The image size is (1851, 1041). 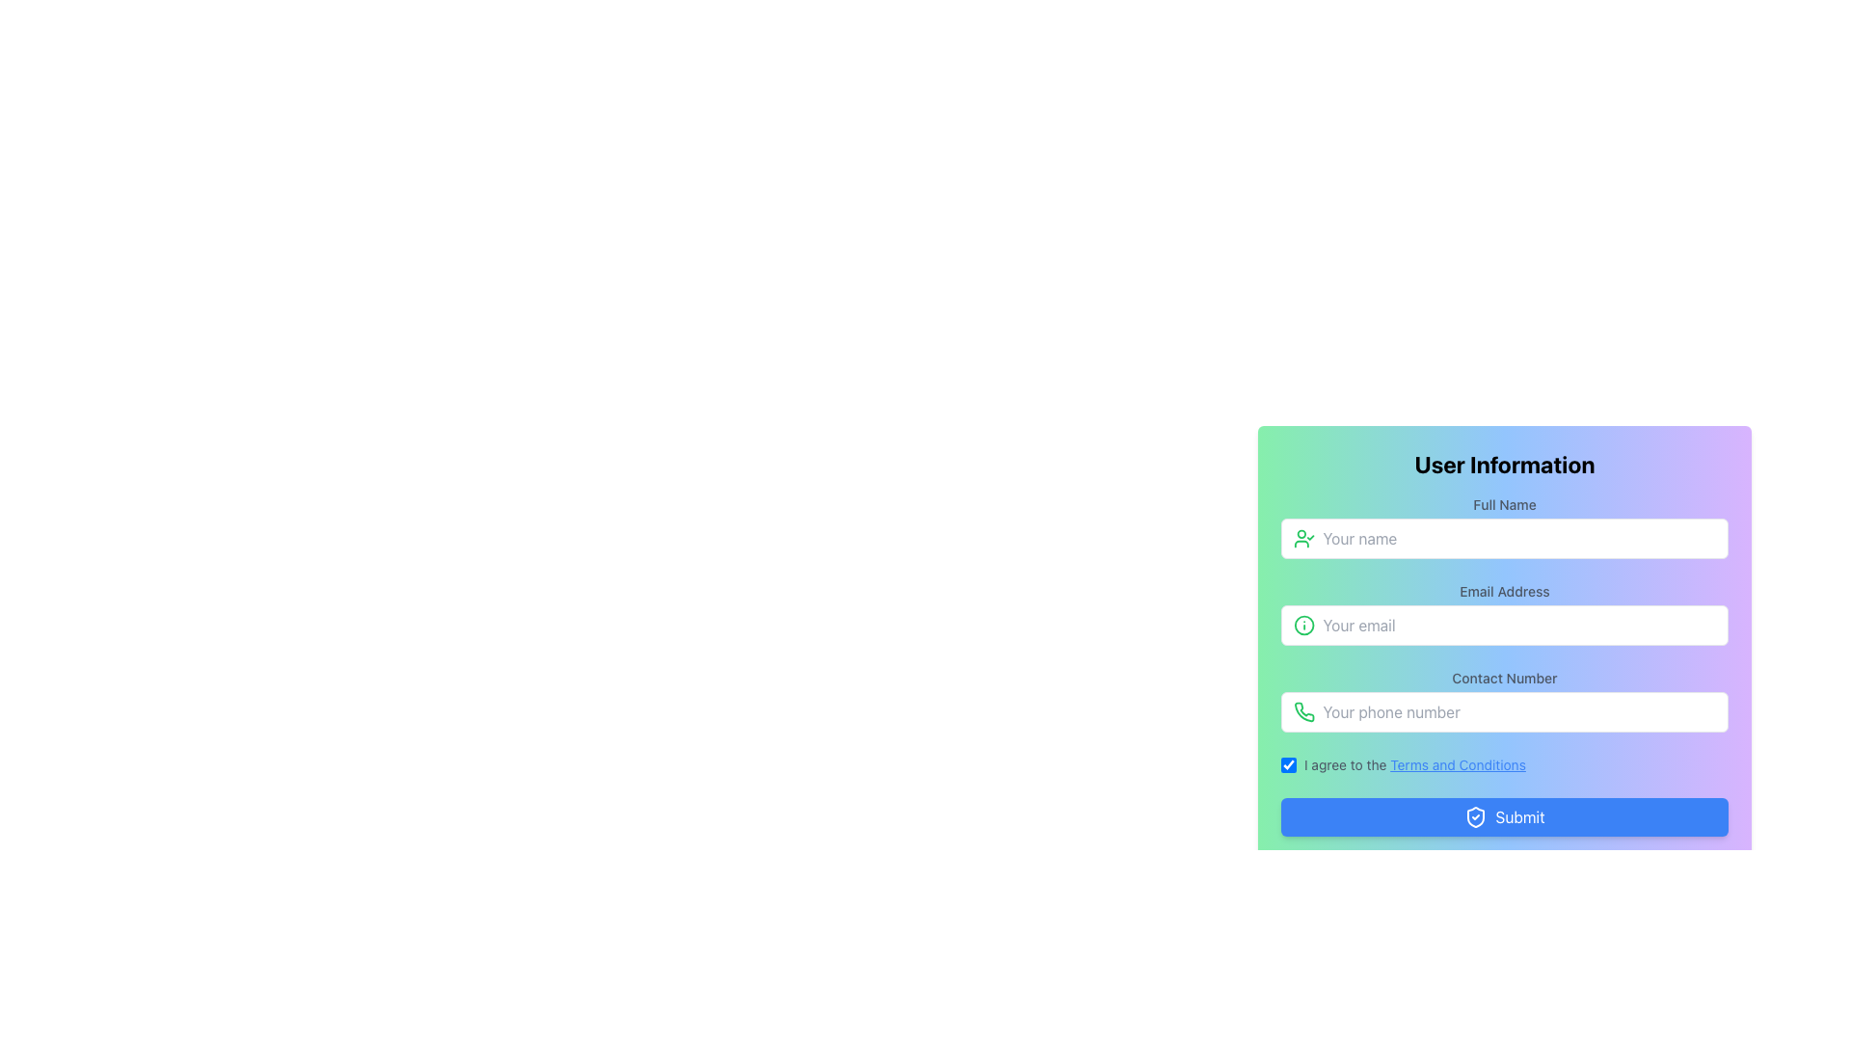 What do you see at coordinates (1304, 539) in the screenshot?
I see `the user icon with a checkmark, styled in green, located at the beginning of the input field group for 'Your name' in the 'Full Name' section` at bounding box center [1304, 539].